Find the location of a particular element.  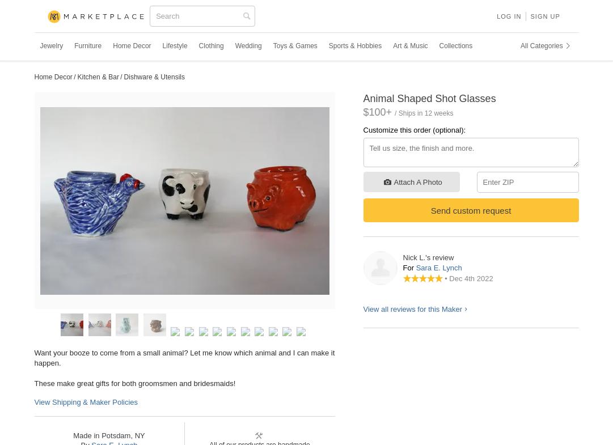

'Dishware & Utensils' is located at coordinates (124, 76).